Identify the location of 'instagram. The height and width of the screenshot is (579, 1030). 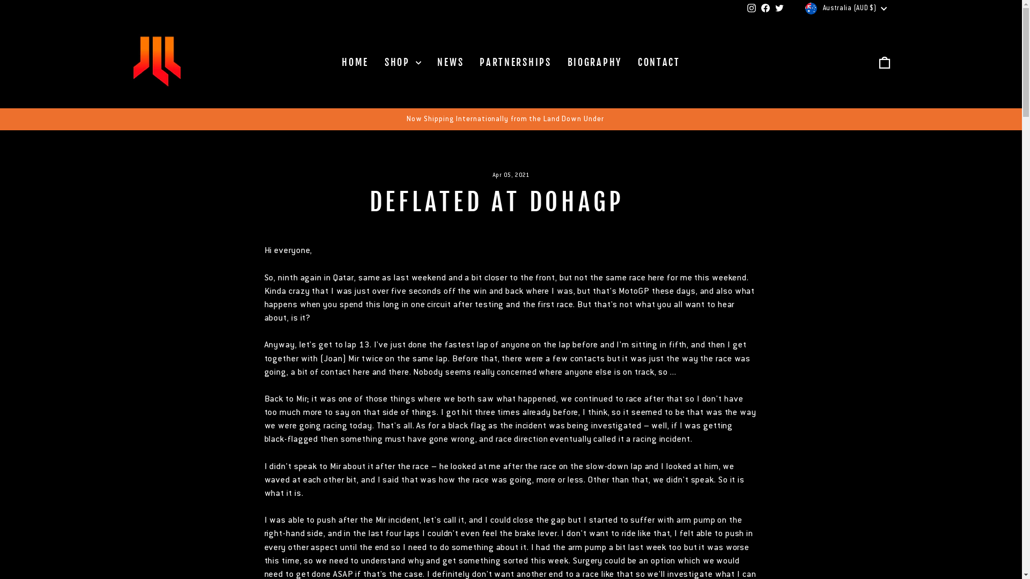
(751, 8).